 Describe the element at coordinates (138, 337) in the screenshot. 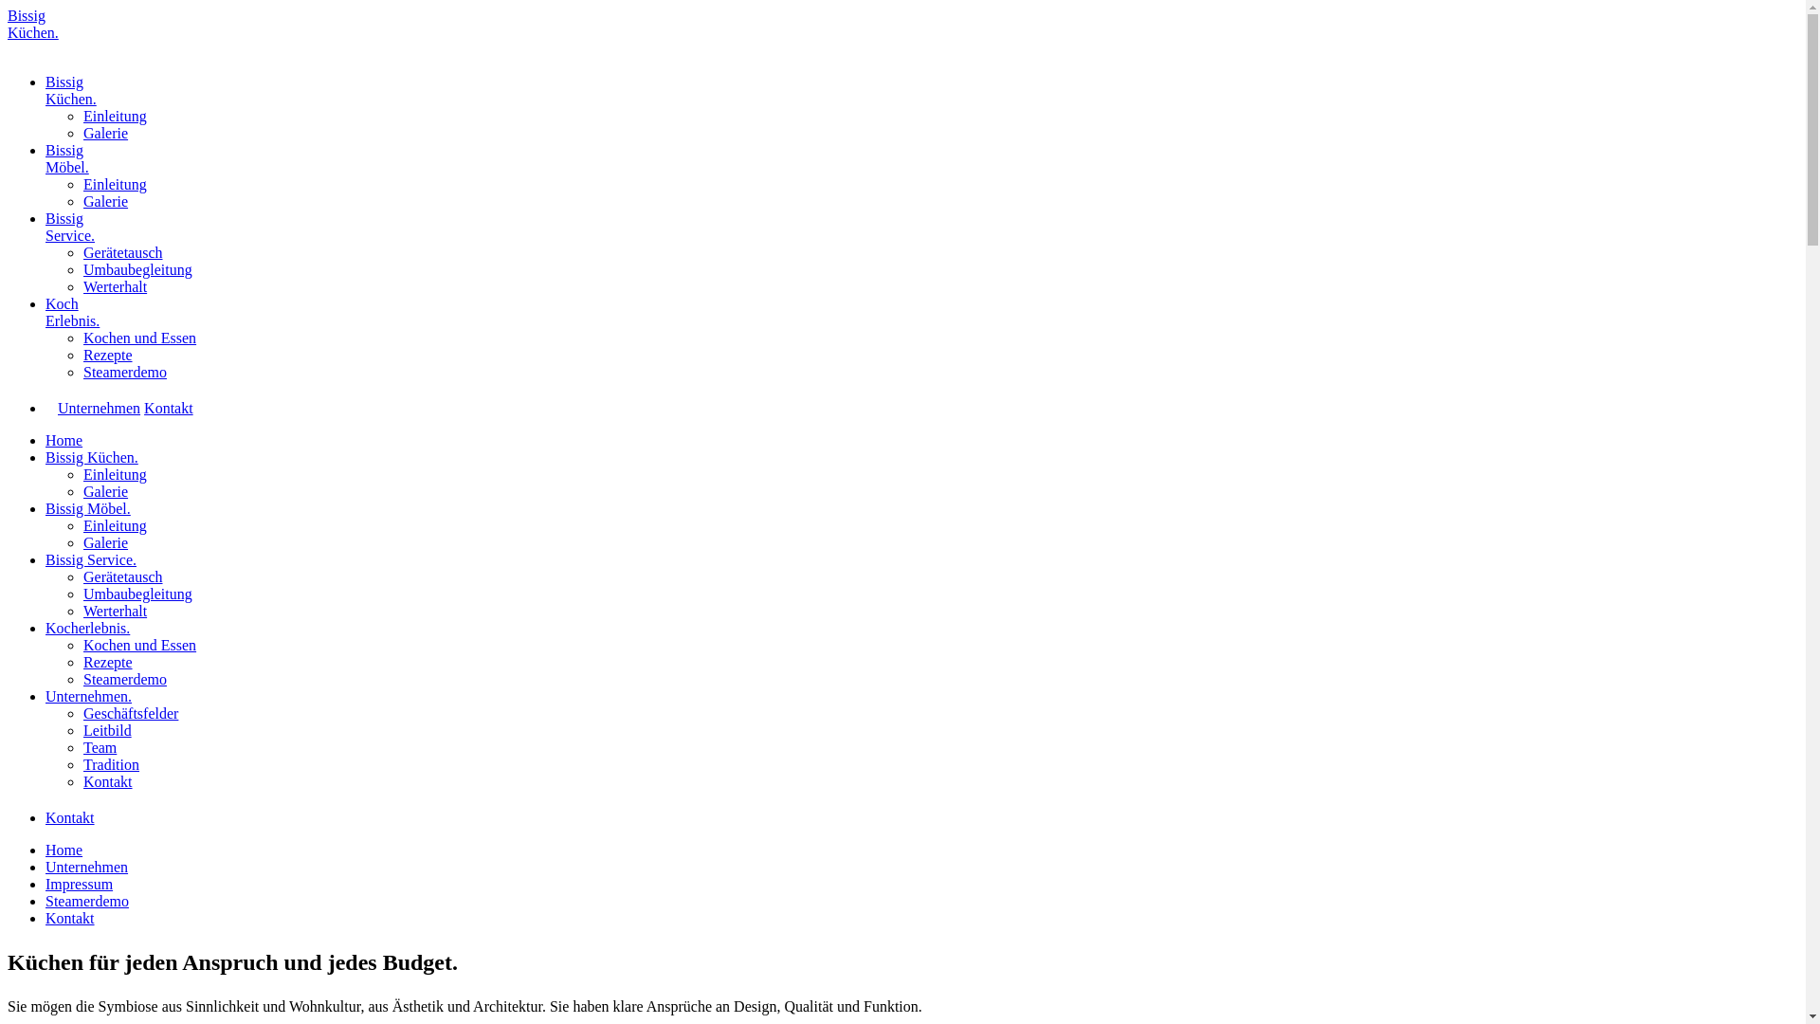

I see `'Kochen und Essen'` at that location.